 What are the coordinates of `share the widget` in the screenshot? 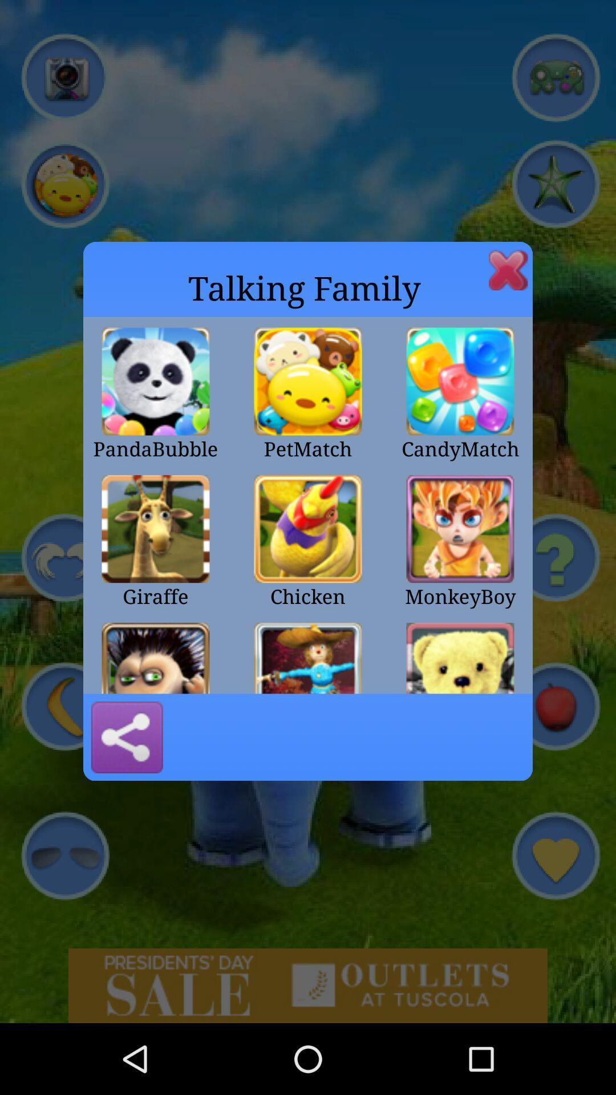 It's located at (127, 737).